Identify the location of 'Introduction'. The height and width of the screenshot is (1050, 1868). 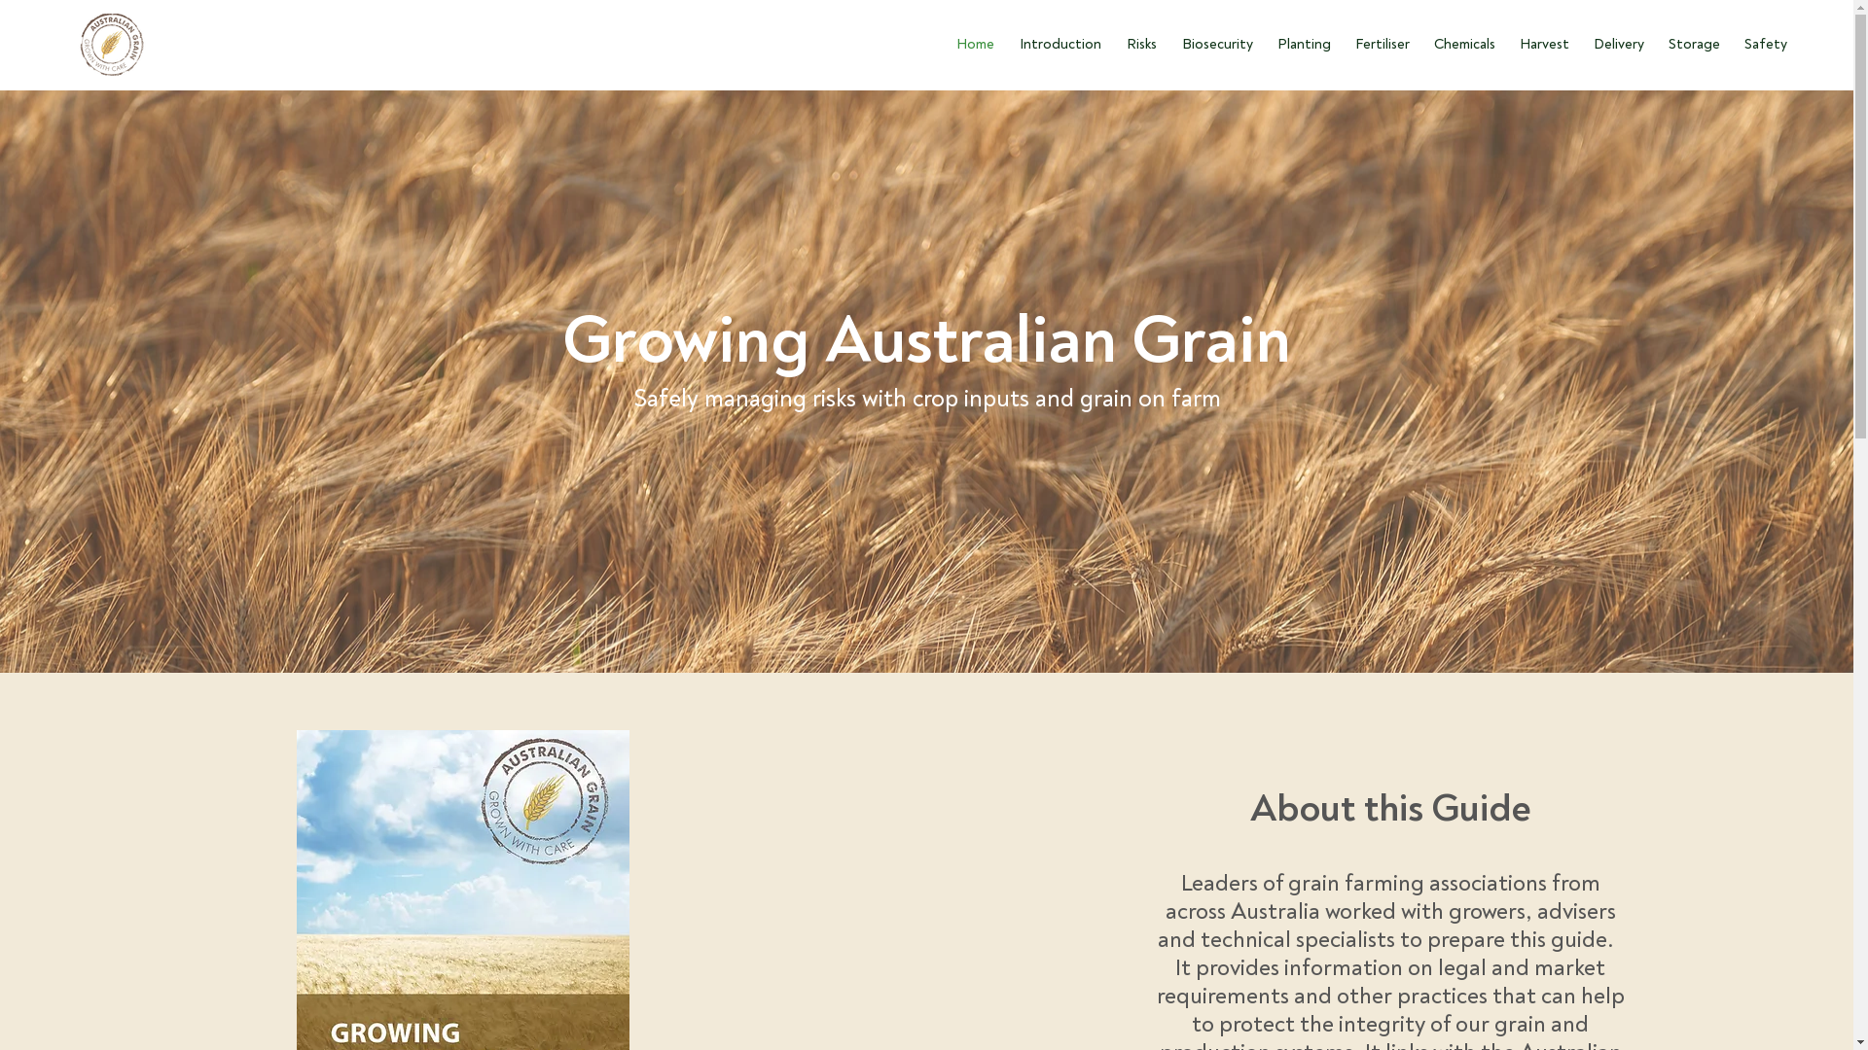
(1056, 44).